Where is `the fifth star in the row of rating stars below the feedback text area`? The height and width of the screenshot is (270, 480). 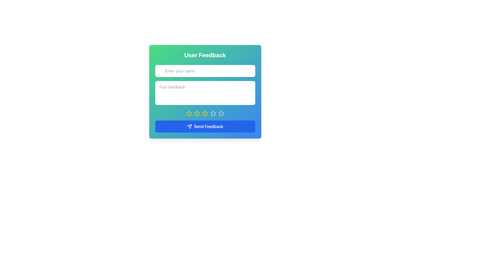
the fifth star in the row of rating stars below the feedback text area is located at coordinates (221, 113).